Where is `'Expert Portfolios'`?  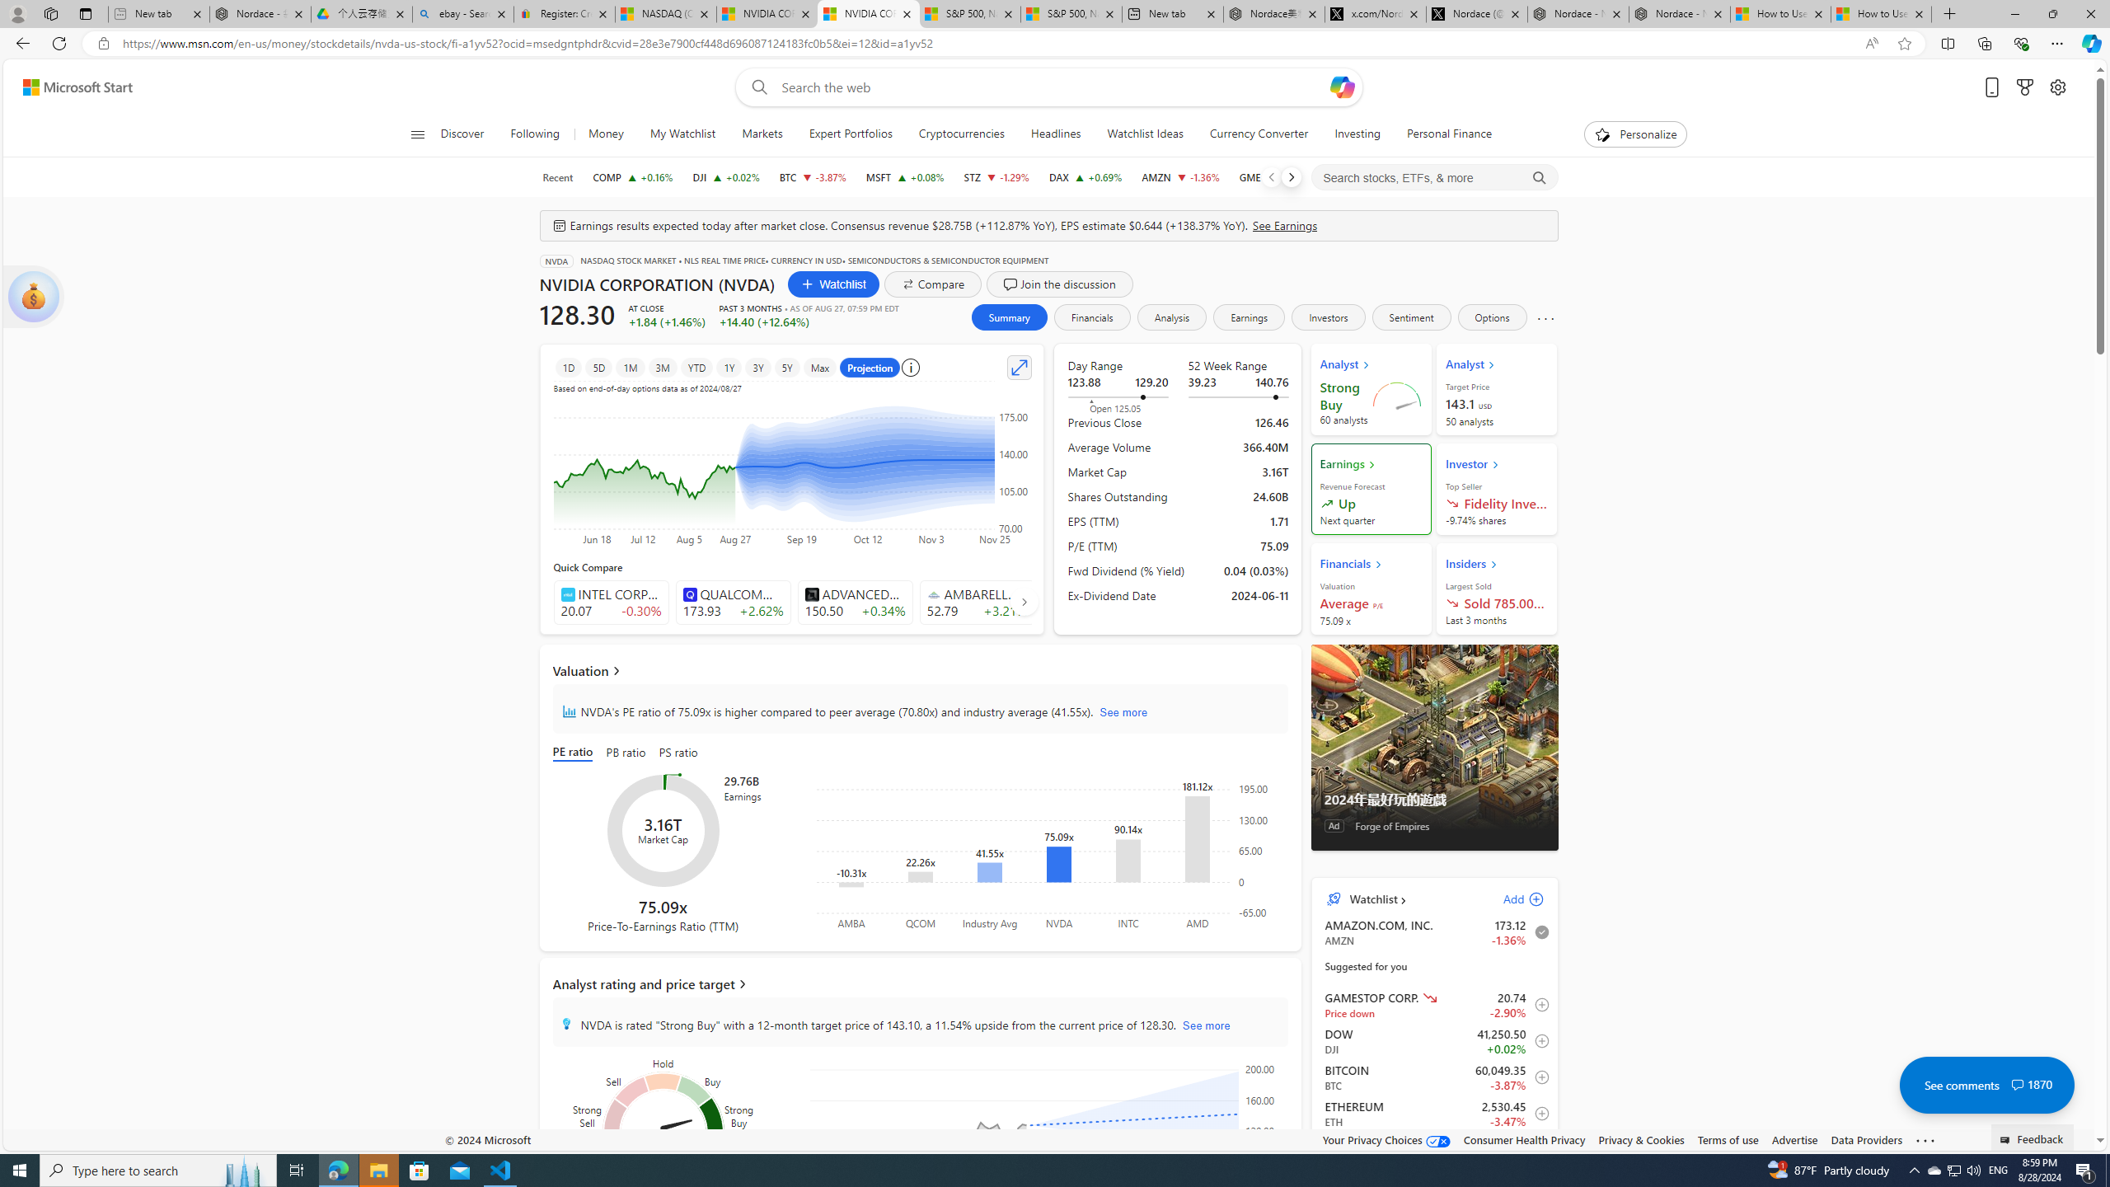 'Expert Portfolios' is located at coordinates (850, 134).